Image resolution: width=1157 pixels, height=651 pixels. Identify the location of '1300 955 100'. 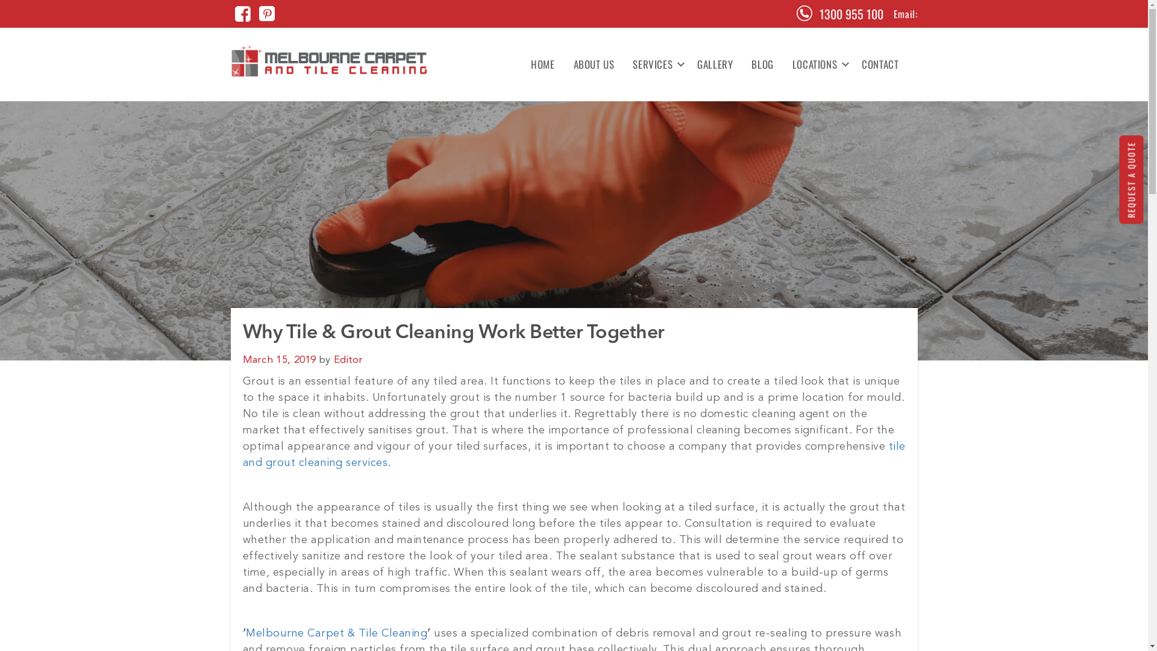
(819, 14).